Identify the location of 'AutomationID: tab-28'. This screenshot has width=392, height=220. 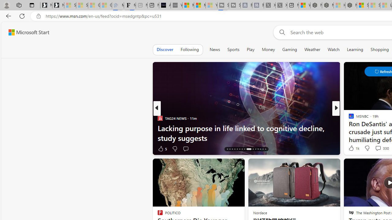
(260, 149).